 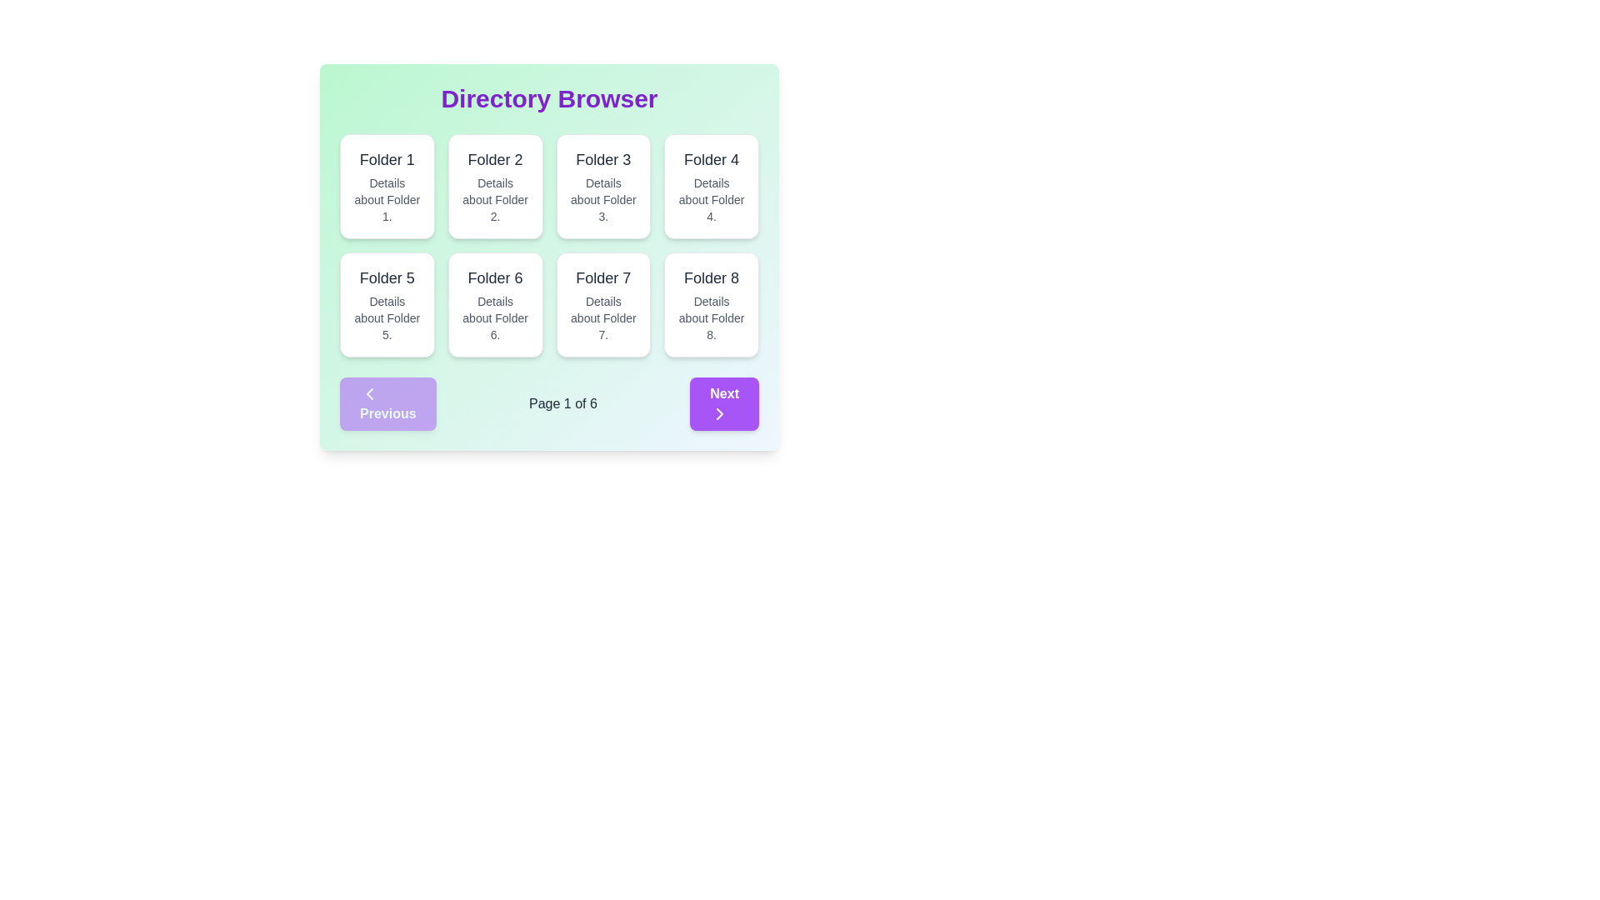 I want to click on the text label that displays the title for the folder in the fourth card of the top row, so click(x=712, y=160).